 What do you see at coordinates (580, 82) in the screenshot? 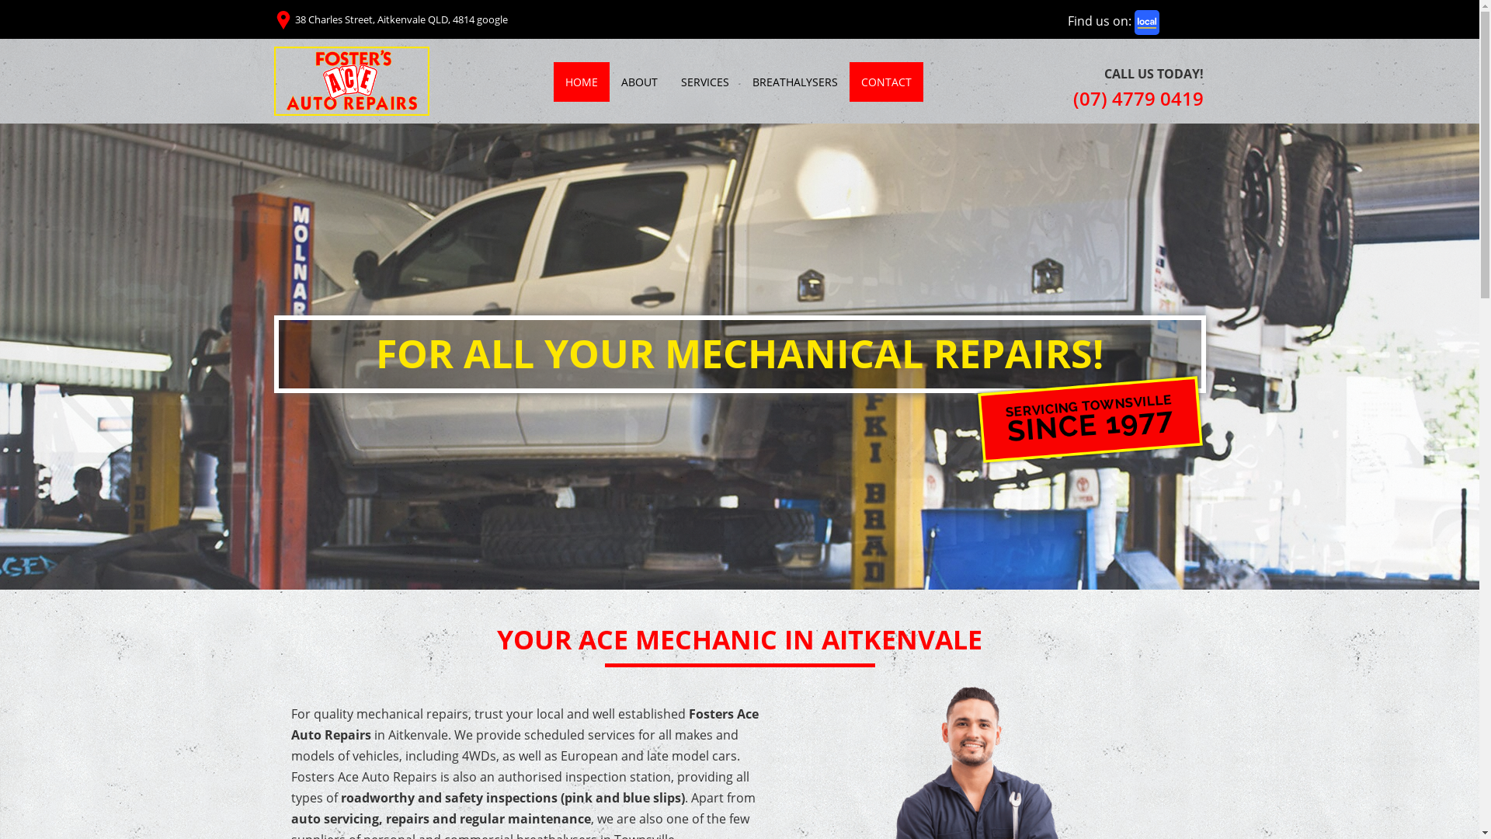
I see `'HOME'` at bounding box center [580, 82].